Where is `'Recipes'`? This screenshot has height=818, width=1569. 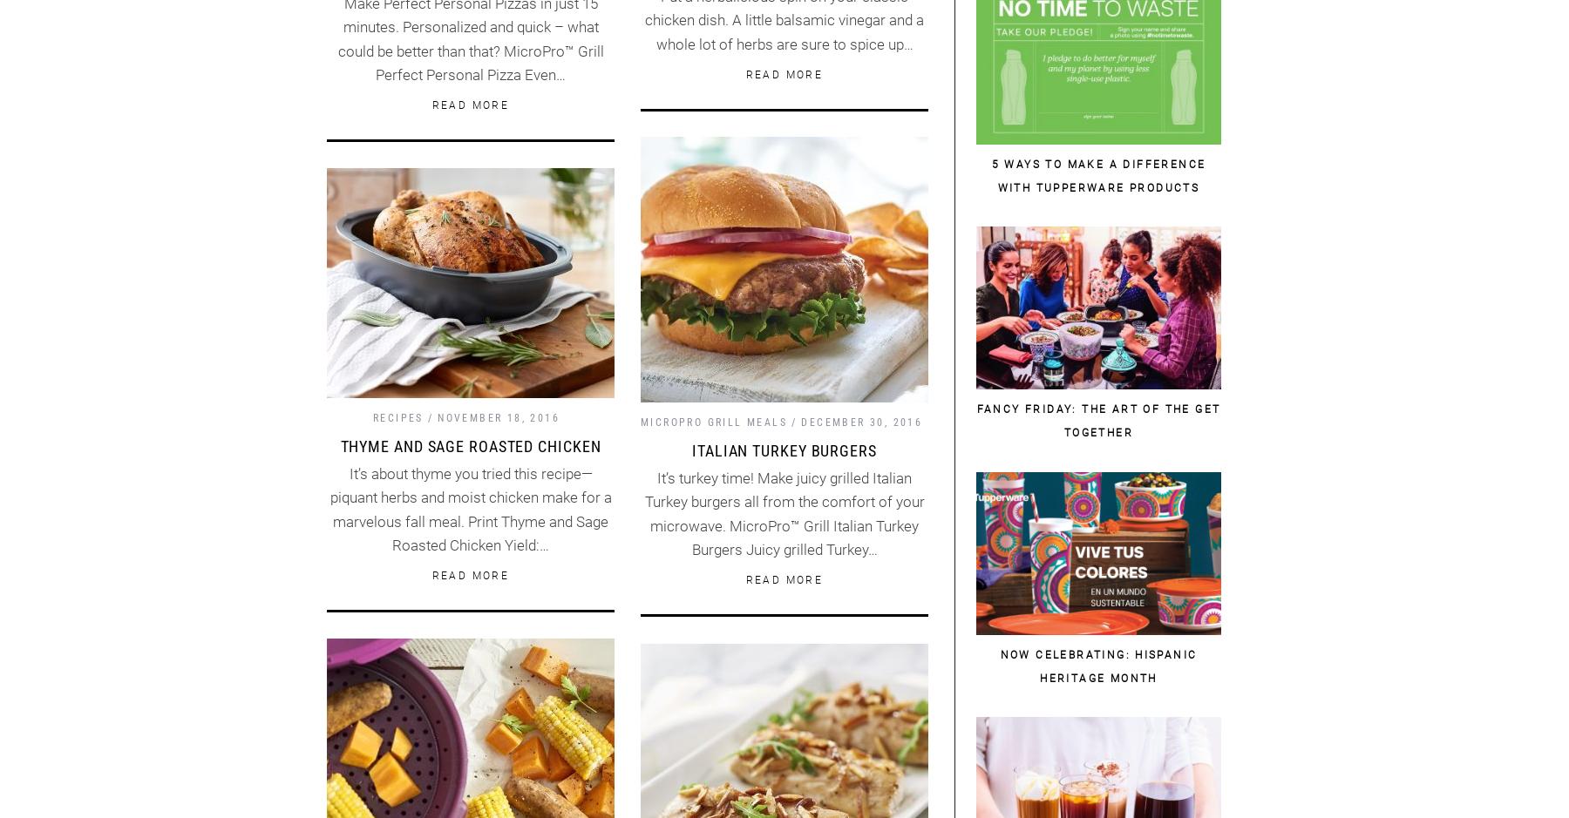 'Recipes' is located at coordinates (396, 416).